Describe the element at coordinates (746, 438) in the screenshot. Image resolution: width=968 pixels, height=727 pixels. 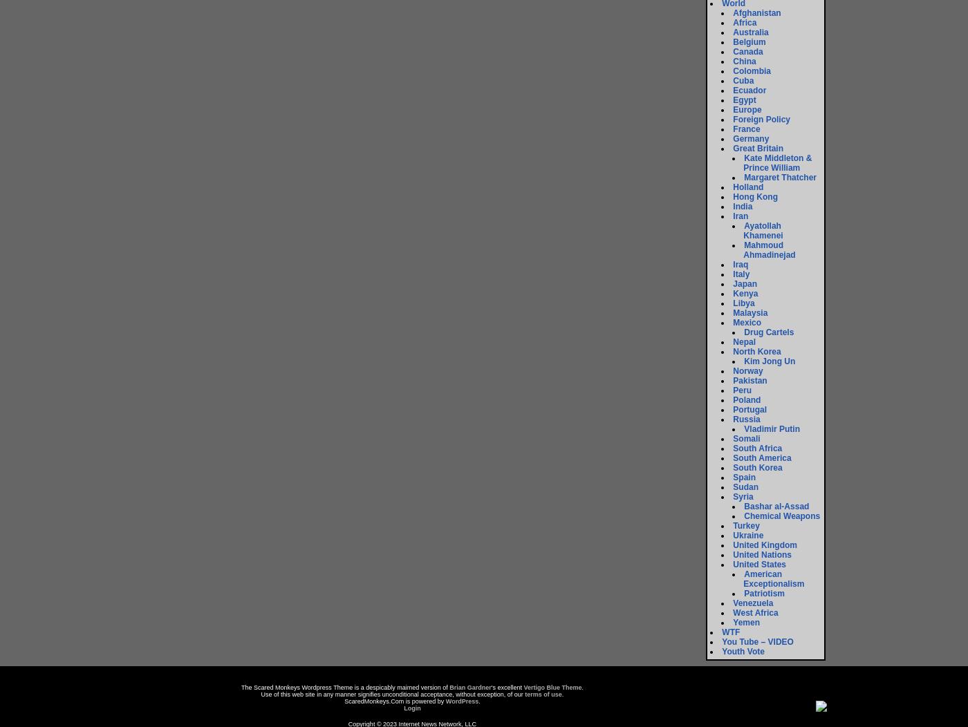
I see `'Somali'` at that location.